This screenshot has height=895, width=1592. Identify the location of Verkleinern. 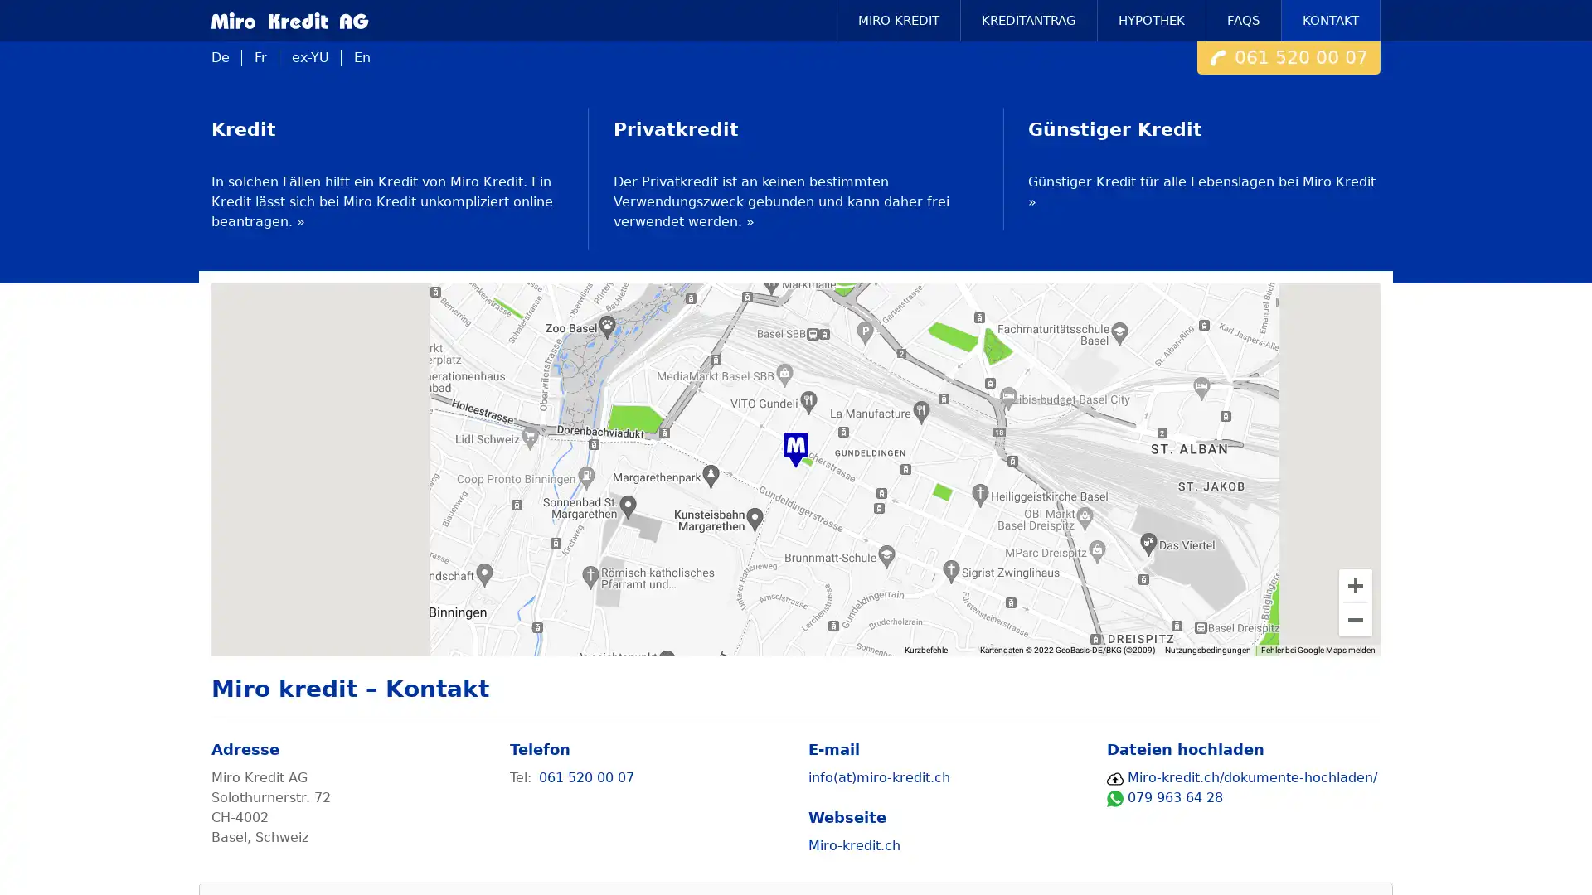
(1356, 619).